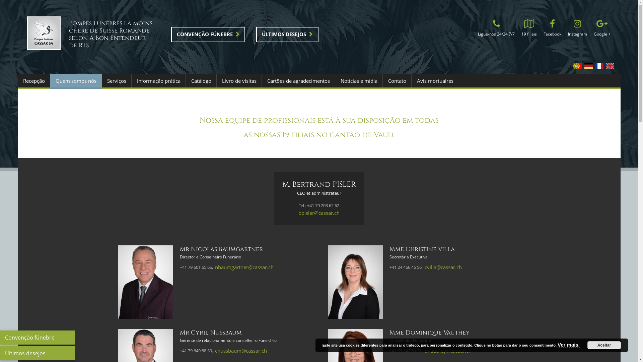  I want to click on 'Ligue-nos 24/24 7/7', so click(496, 29).